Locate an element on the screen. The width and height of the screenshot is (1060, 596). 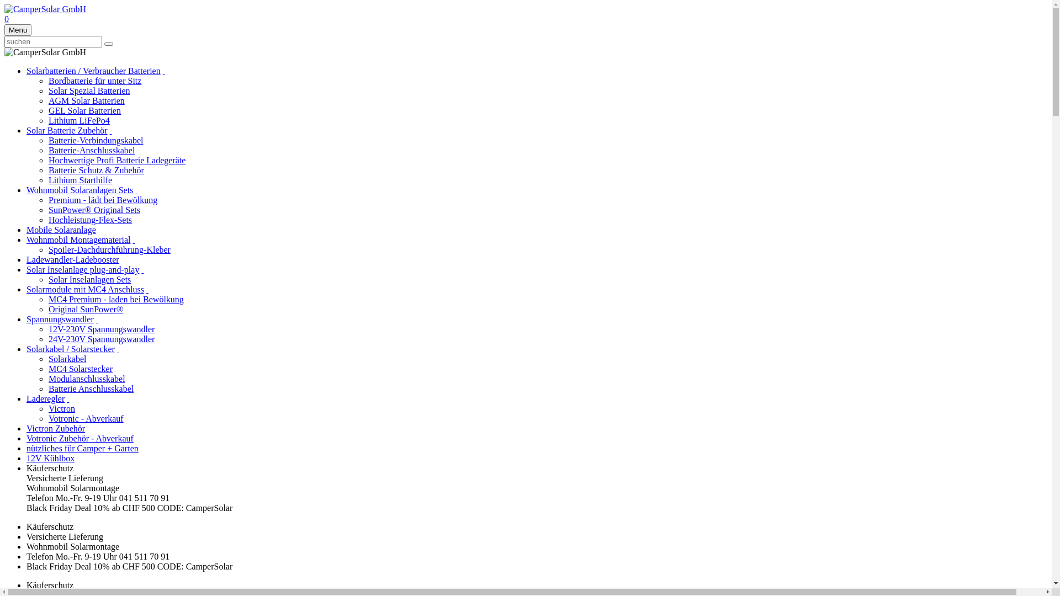
' ' is located at coordinates (111, 130).